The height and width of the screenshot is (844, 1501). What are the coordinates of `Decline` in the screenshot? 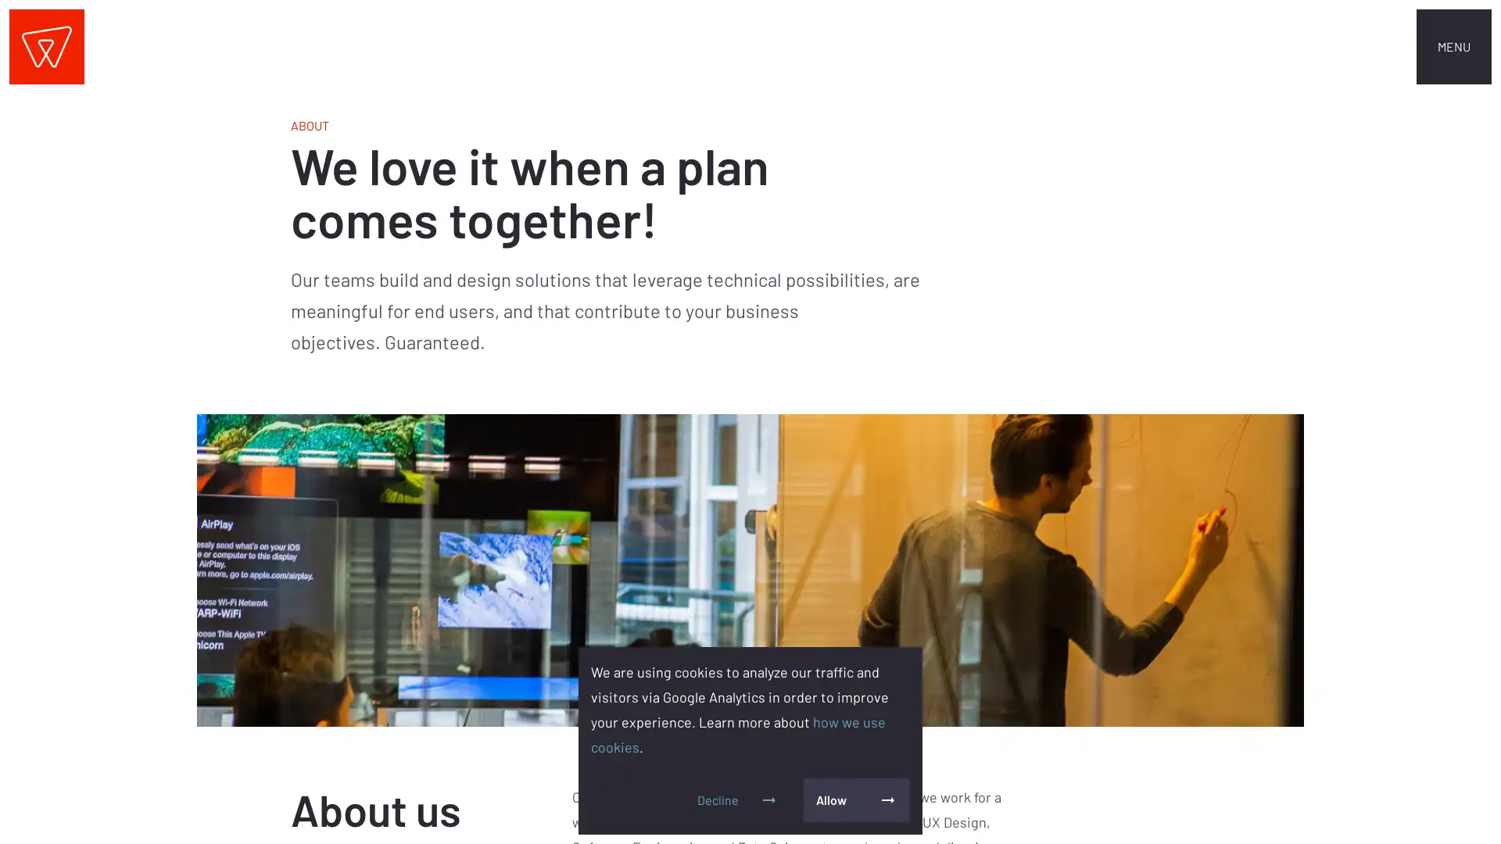 It's located at (737, 799).